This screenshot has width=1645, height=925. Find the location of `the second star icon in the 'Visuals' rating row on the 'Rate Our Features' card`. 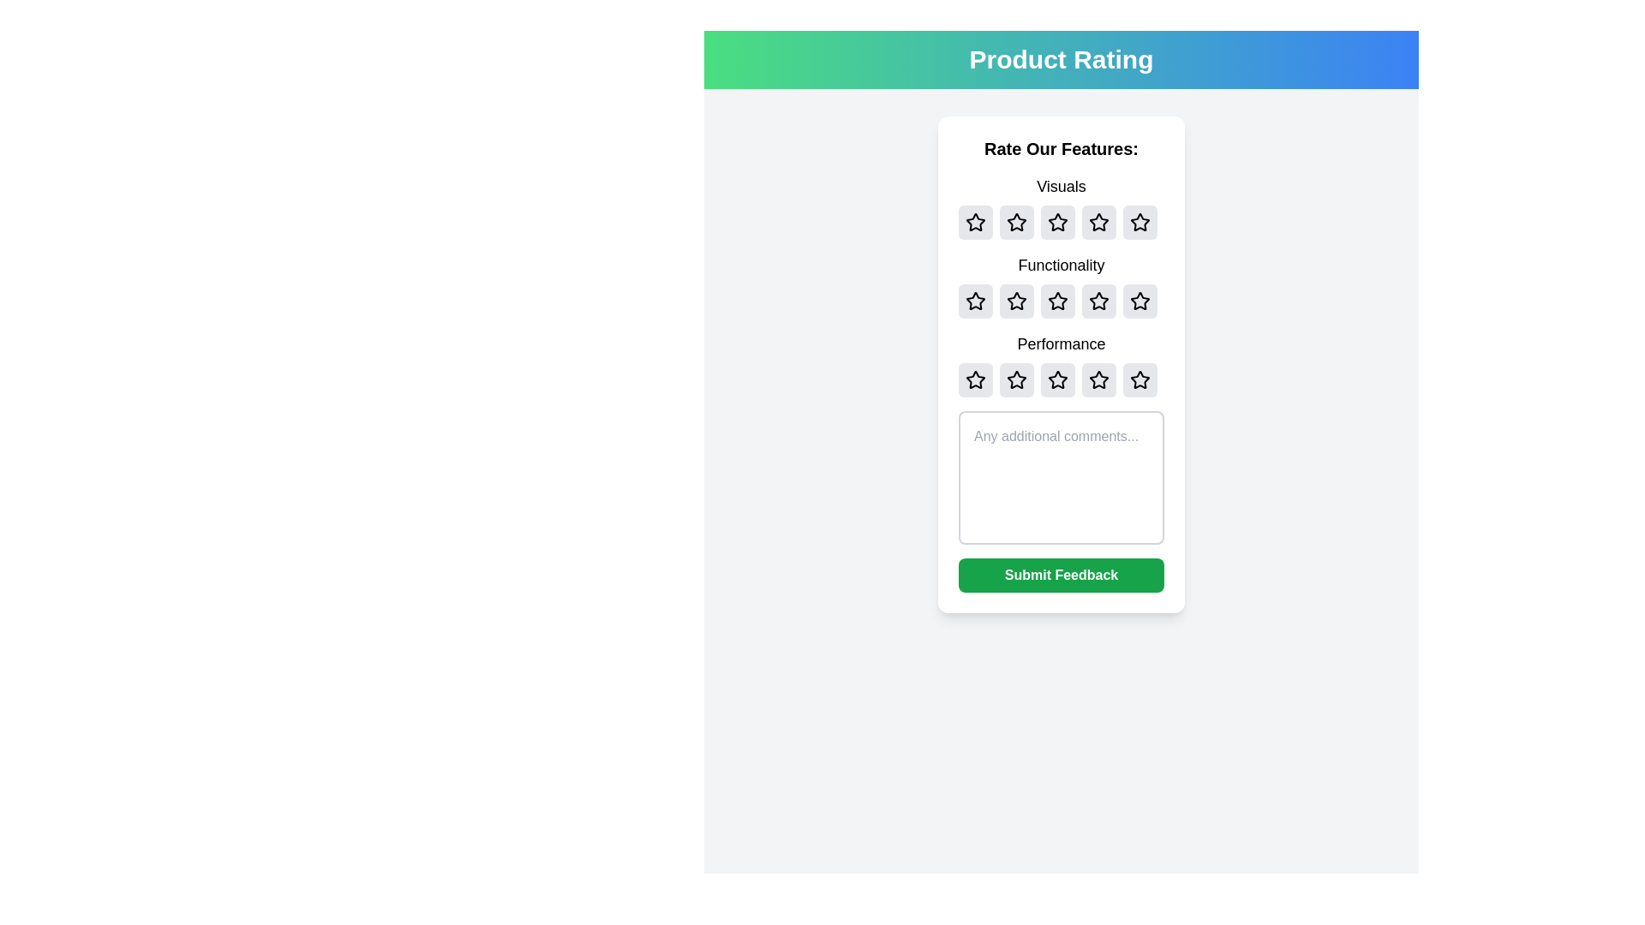

the second star icon in the 'Visuals' rating row on the 'Rate Our Features' card is located at coordinates (1016, 221).